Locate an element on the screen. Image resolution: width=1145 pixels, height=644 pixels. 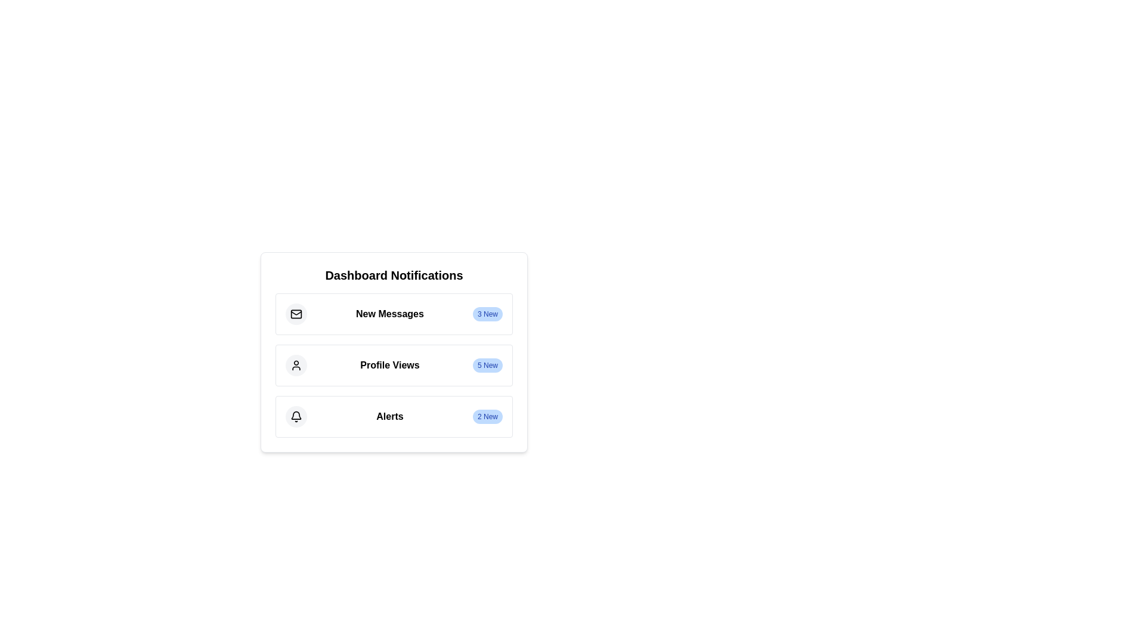
the notification icon, which is a circular light gray icon with a black bell symbol located in the left region of the 'Alerts' row is located at coordinates (296, 416).